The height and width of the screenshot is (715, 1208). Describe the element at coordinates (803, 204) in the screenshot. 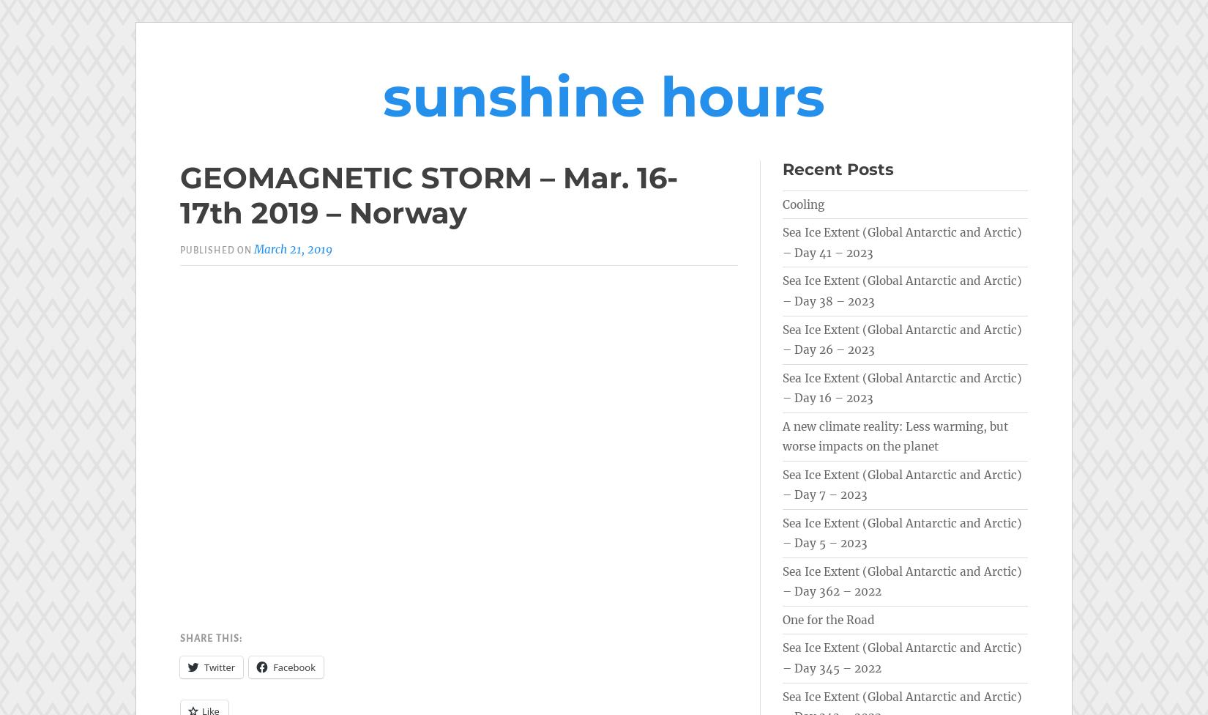

I see `'Cooling'` at that location.